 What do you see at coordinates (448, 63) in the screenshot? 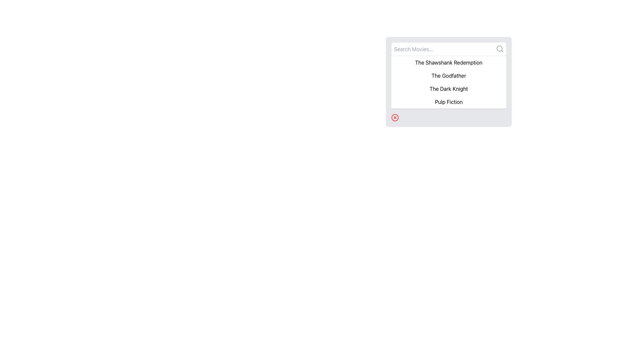
I see `to select the first movie title in the dropdown list located below the search input box` at bounding box center [448, 63].